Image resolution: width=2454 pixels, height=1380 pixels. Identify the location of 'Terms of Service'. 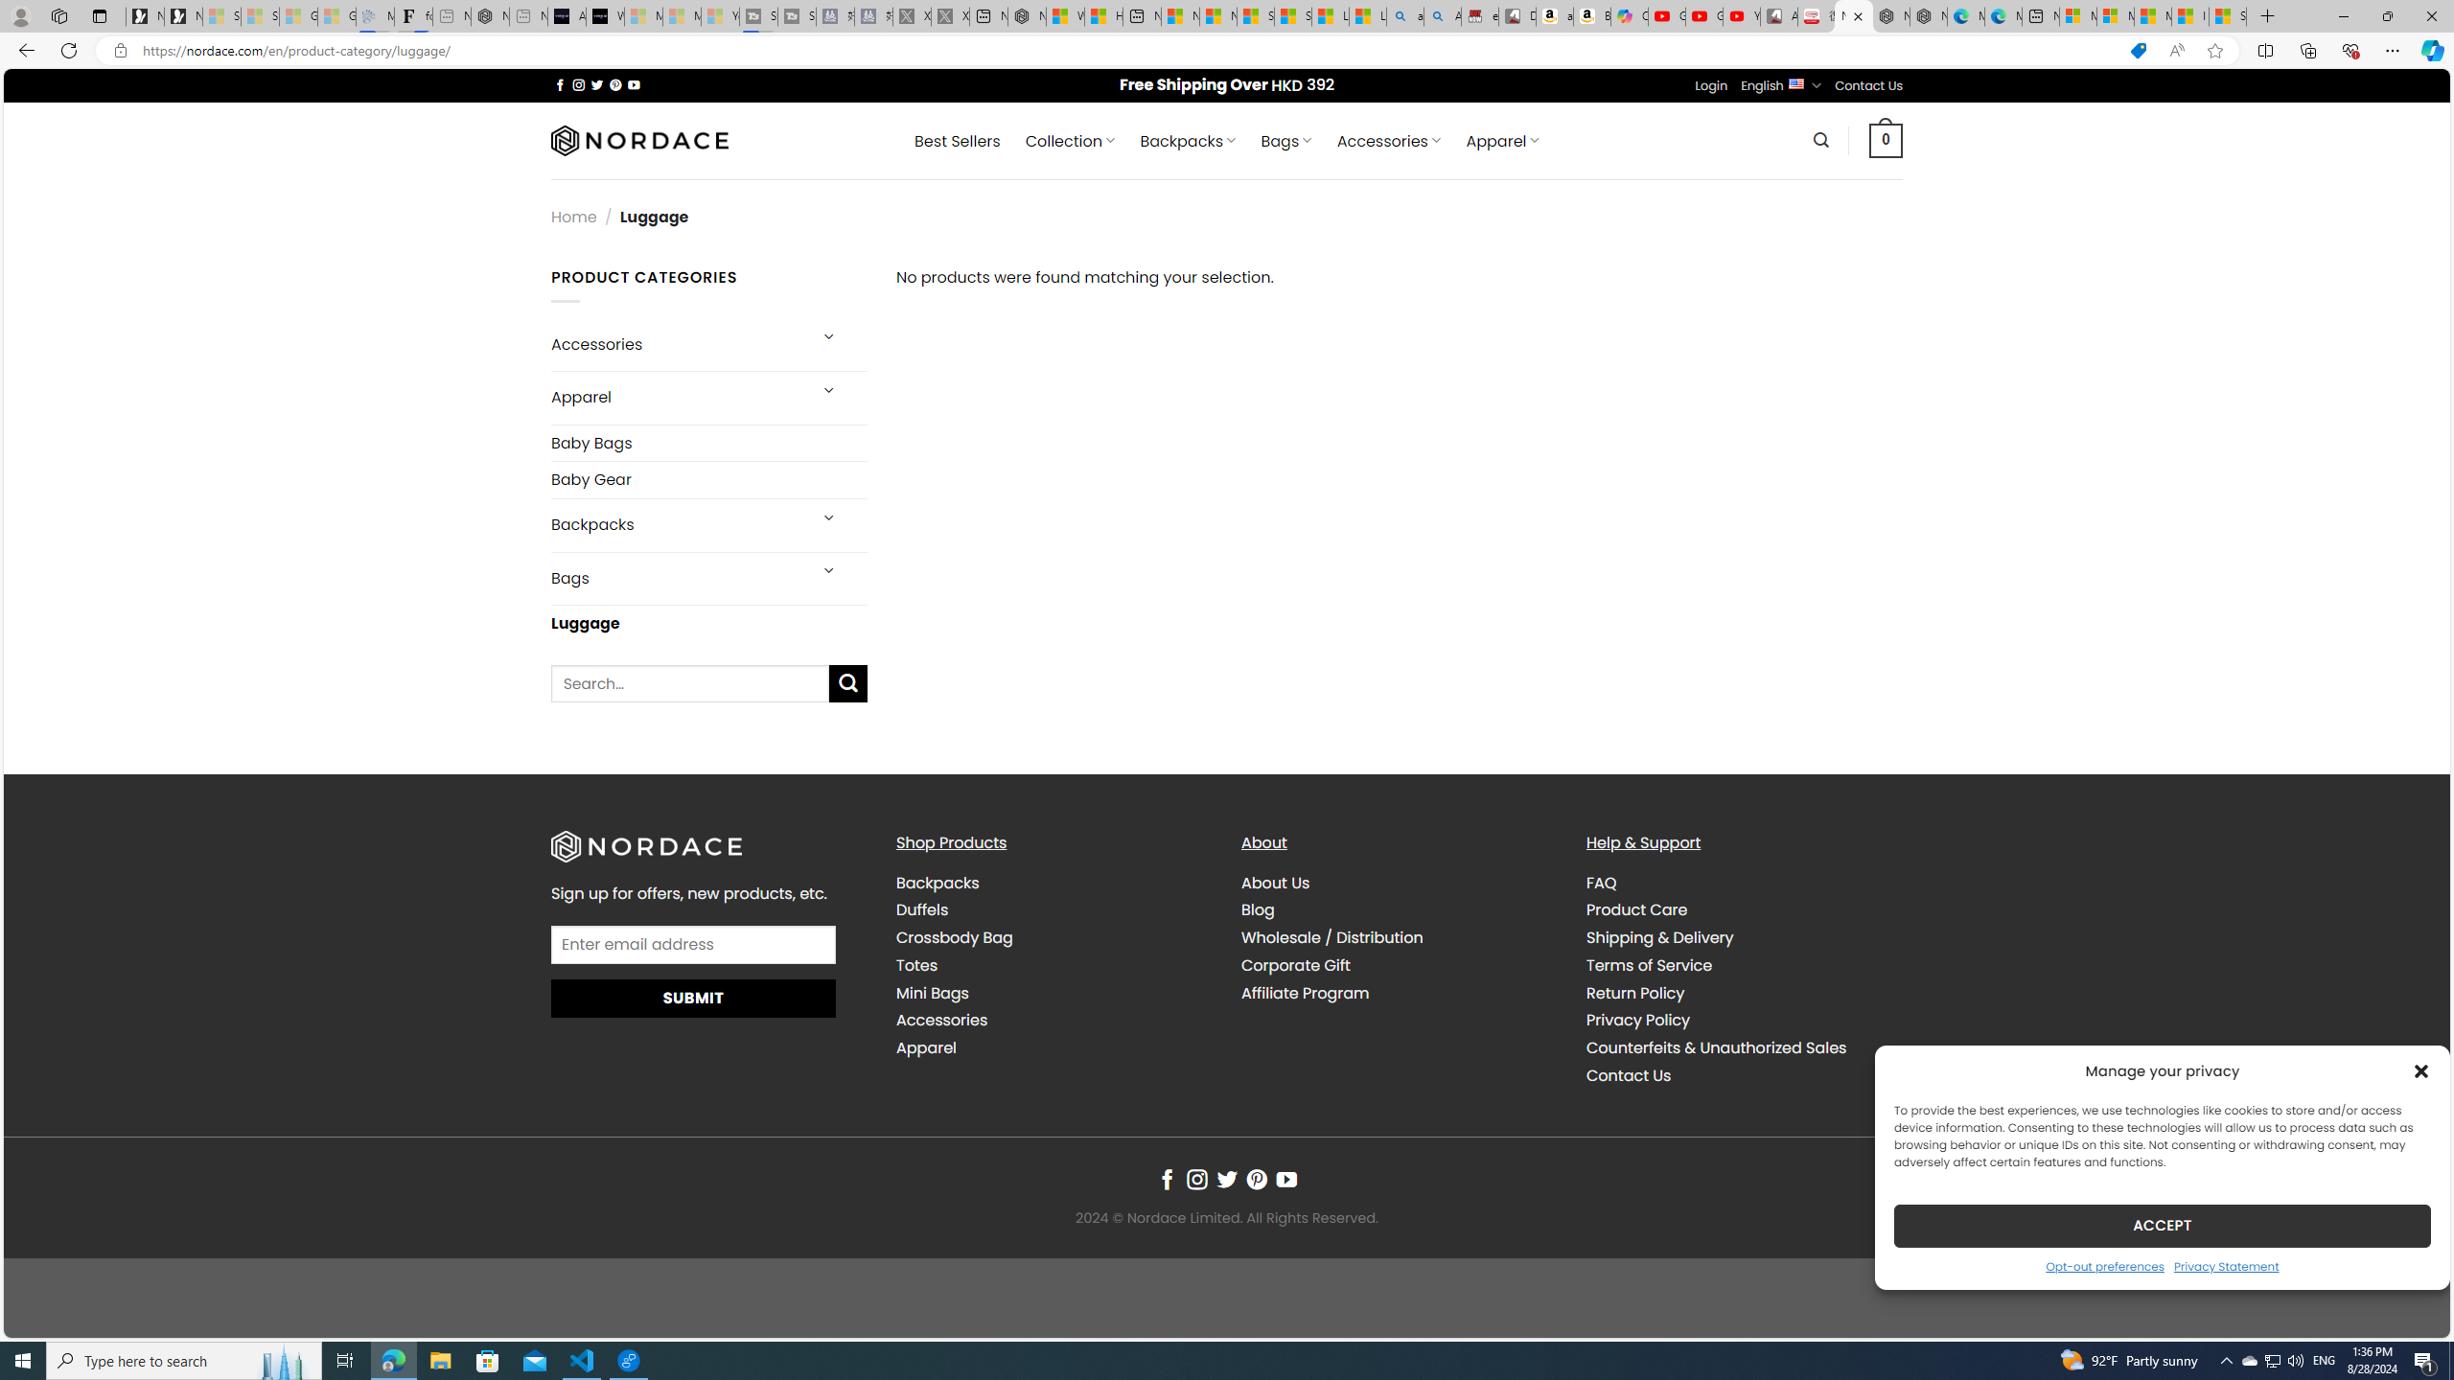
(1649, 965).